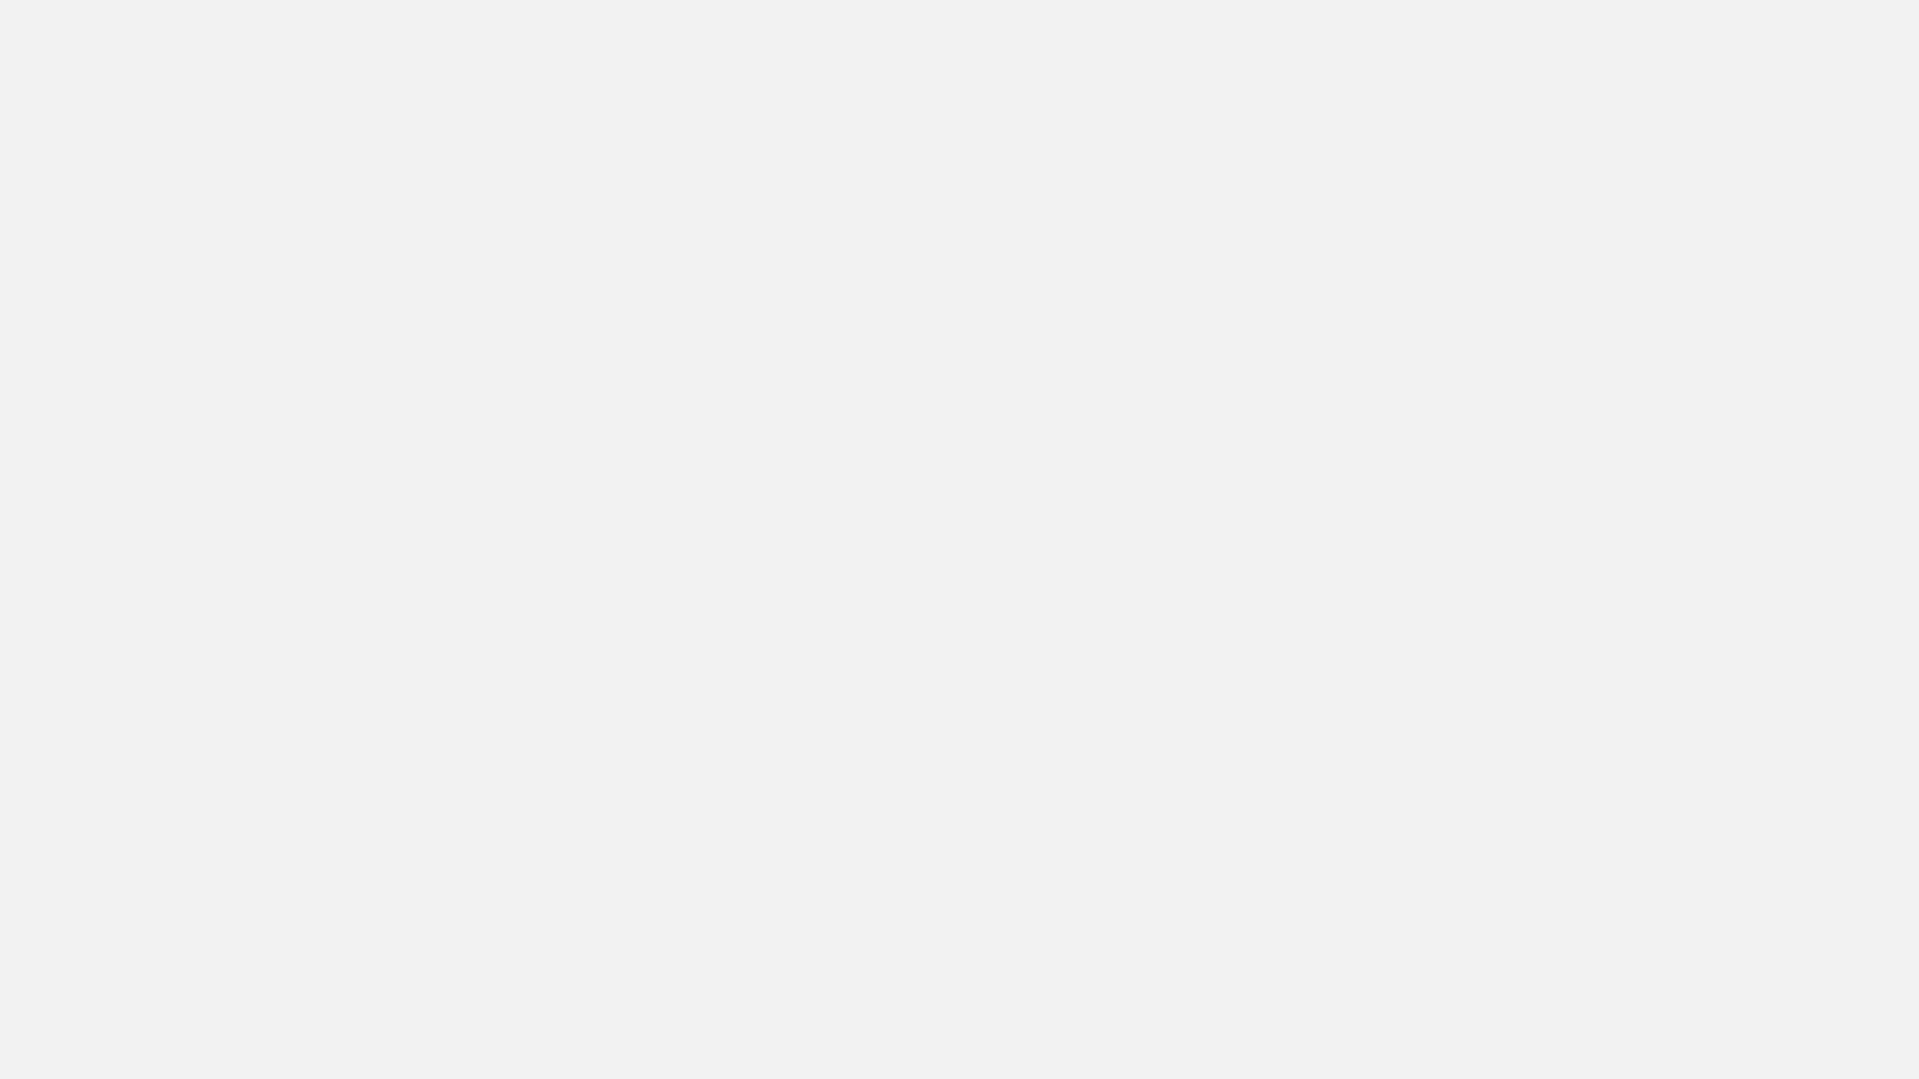 The image size is (1919, 1079). I want to click on Search, so click(616, 434).